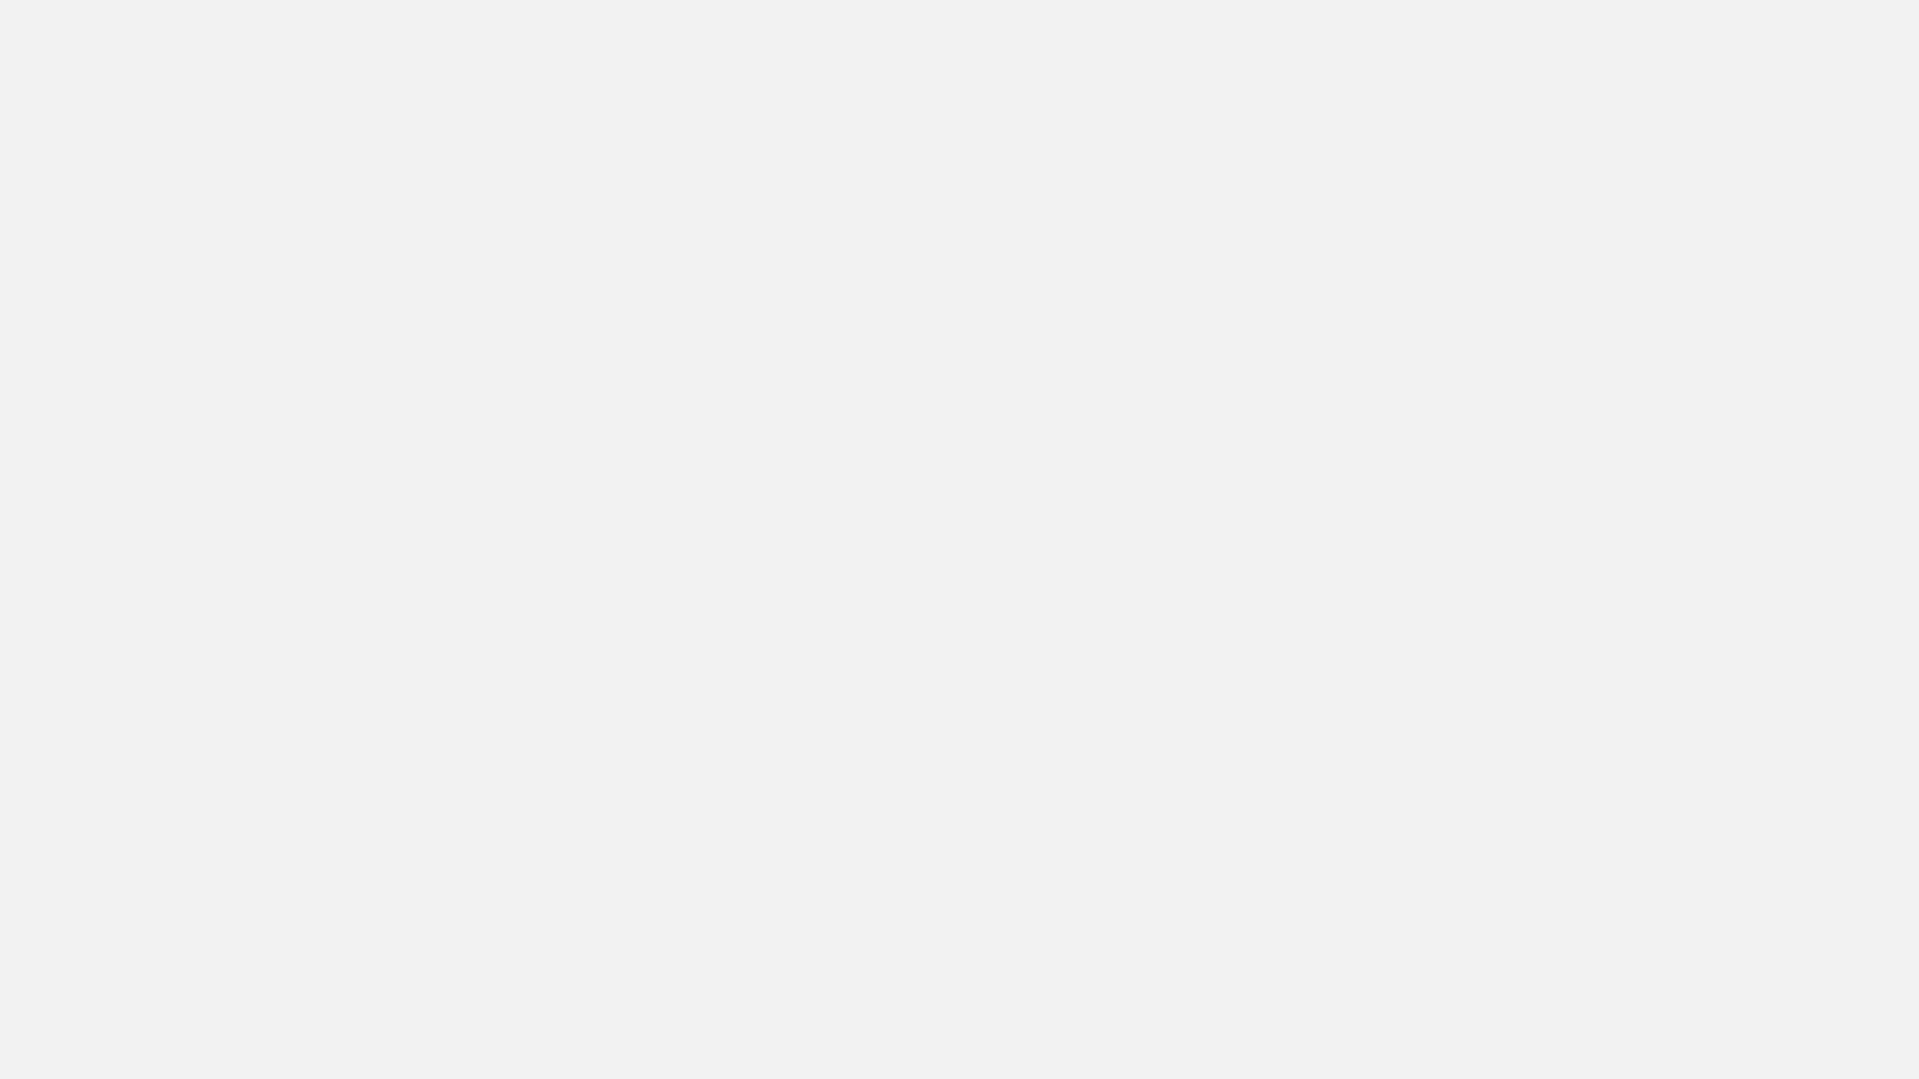 The image size is (1919, 1079). I want to click on Search, so click(616, 434).